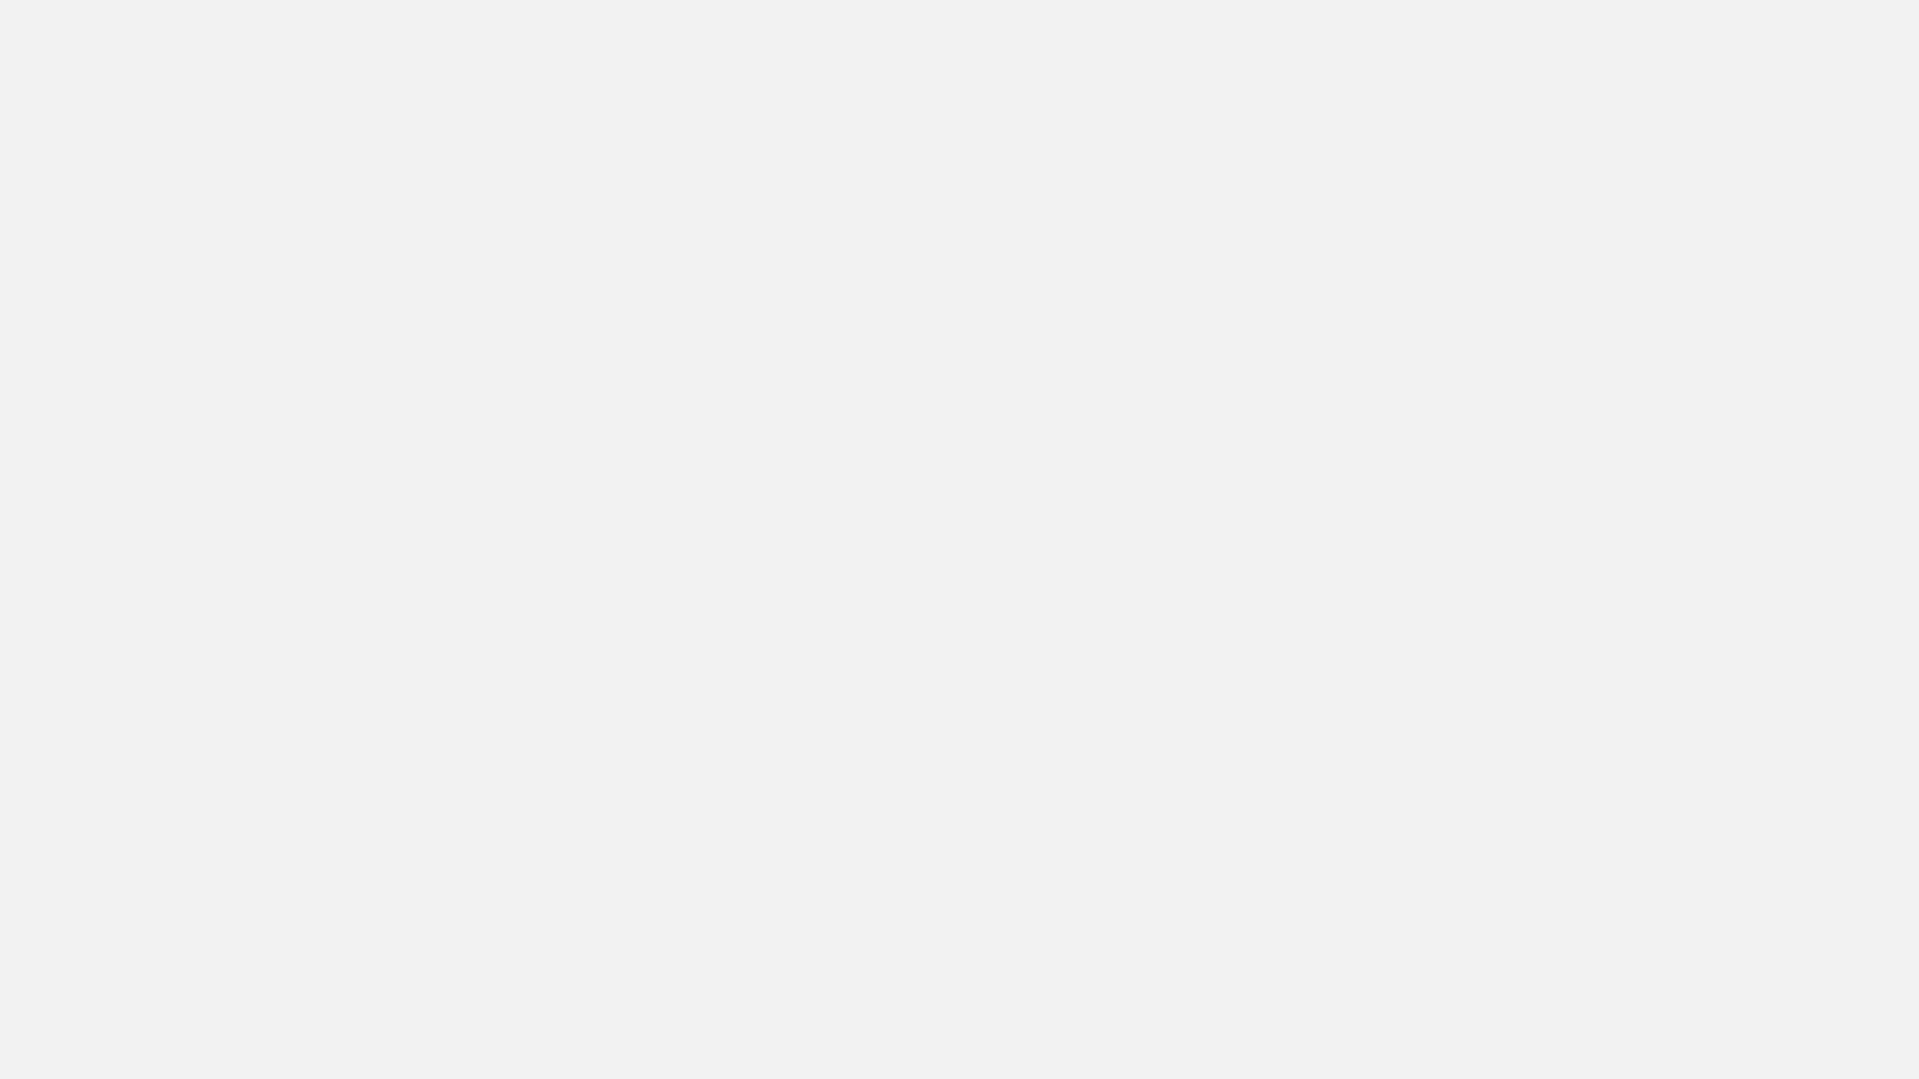 The image size is (1919, 1079). I want to click on Search, so click(616, 434).